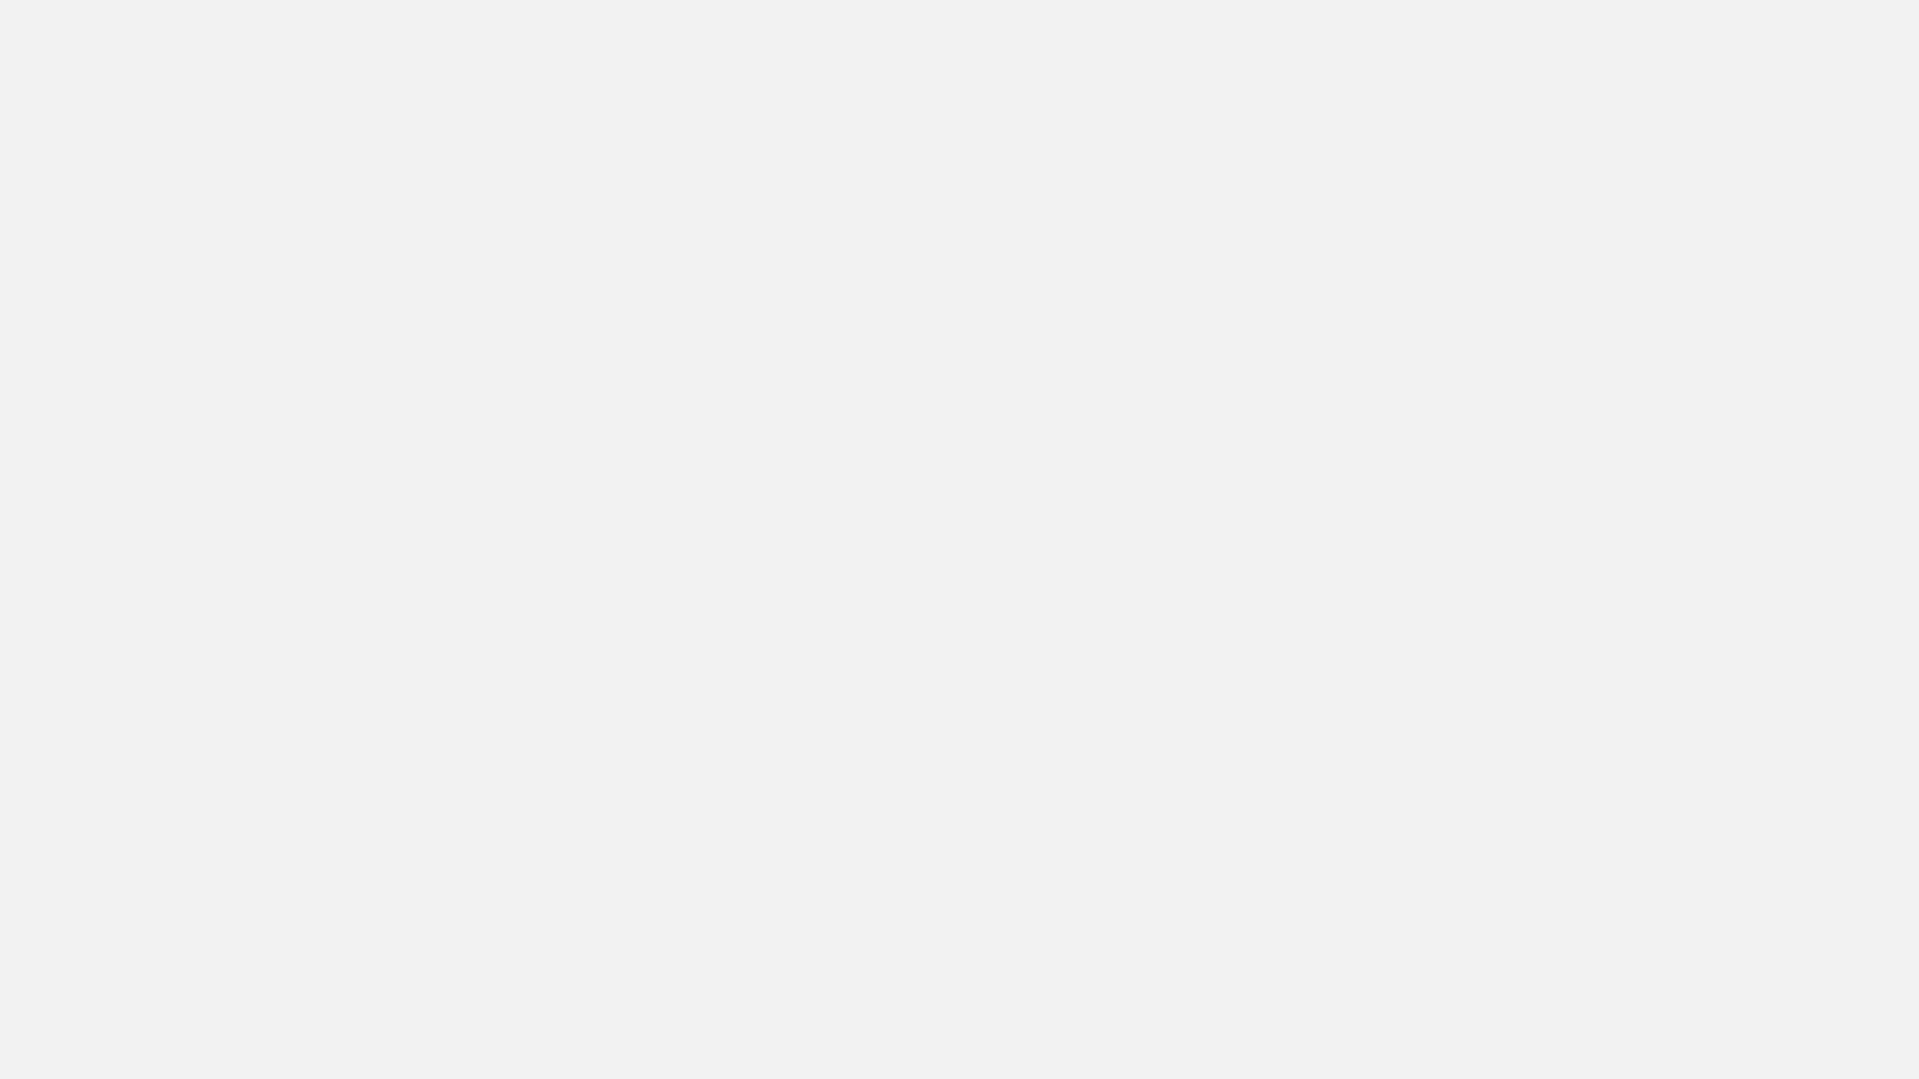 The image size is (1919, 1079). I want to click on Search, so click(616, 434).